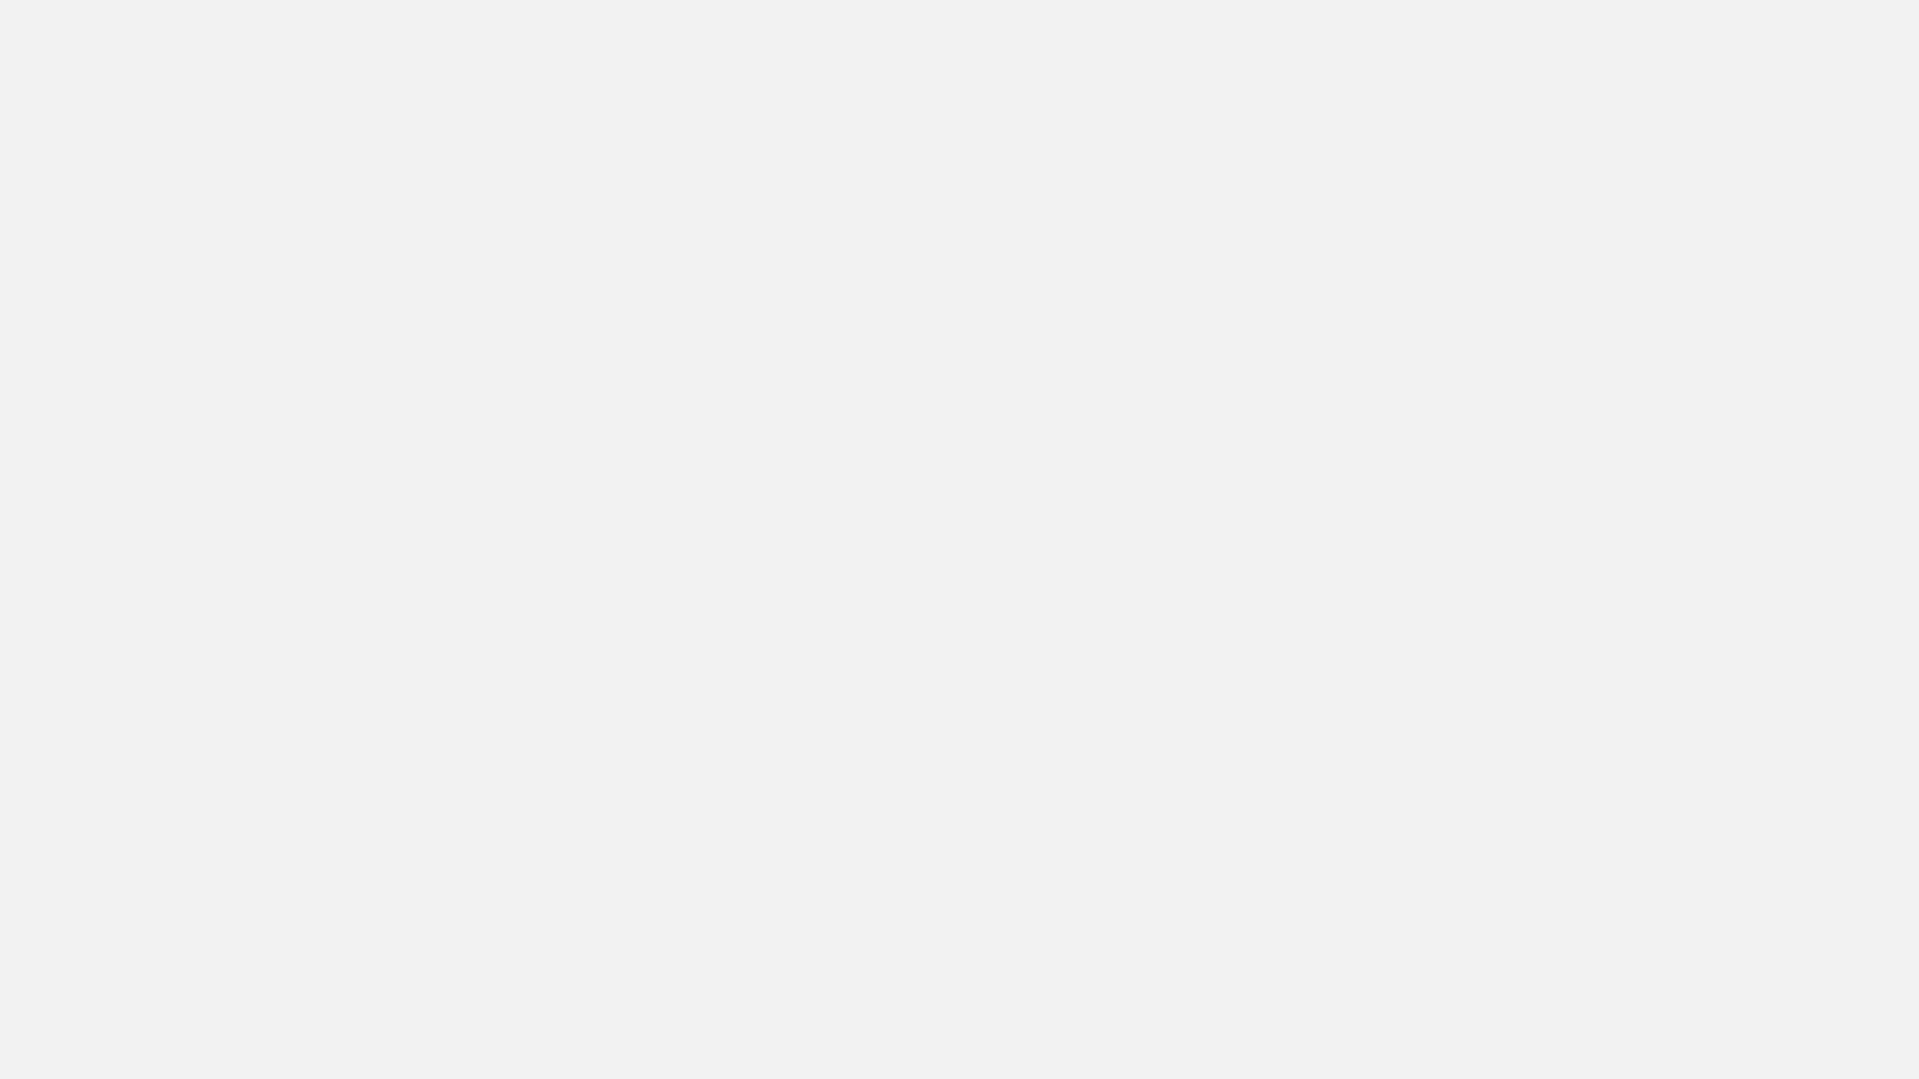 The image size is (1919, 1079). I want to click on Search, so click(616, 434).